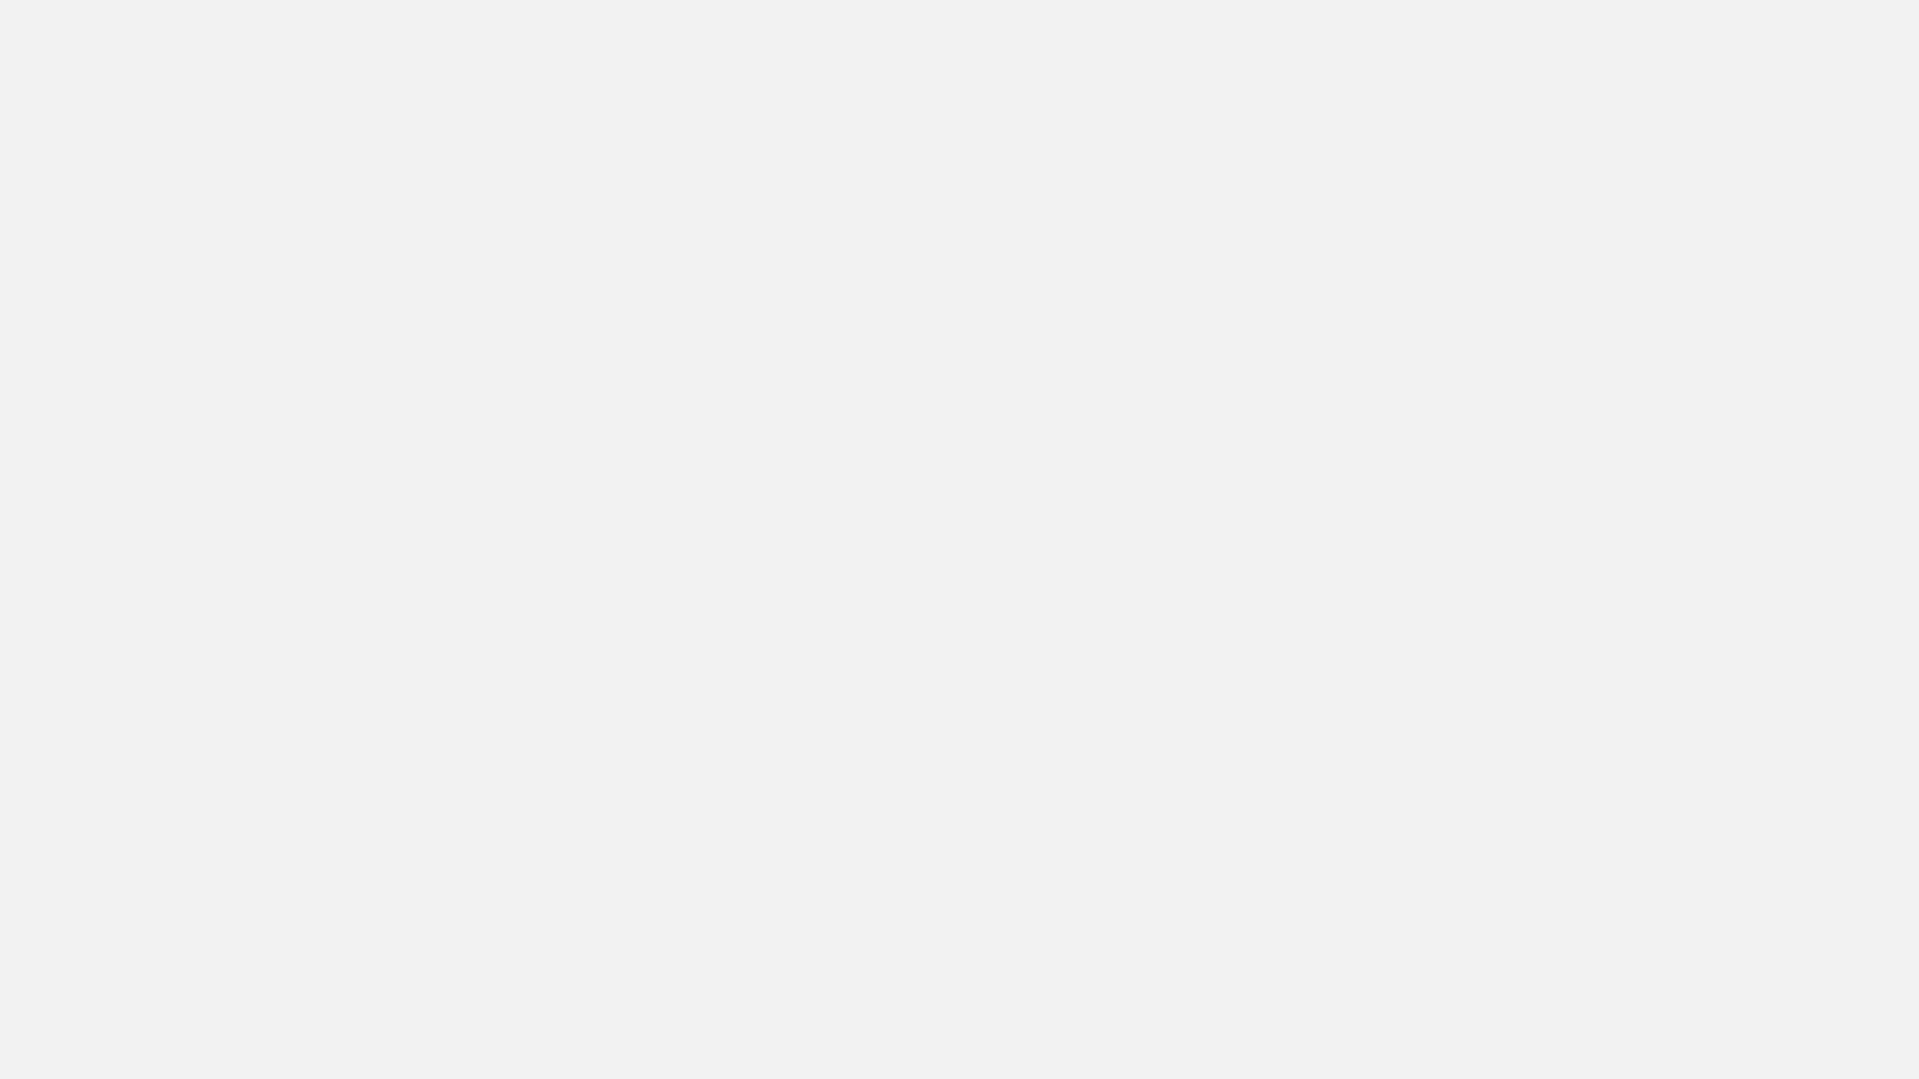 The image size is (1919, 1079). I want to click on Search, so click(616, 434).